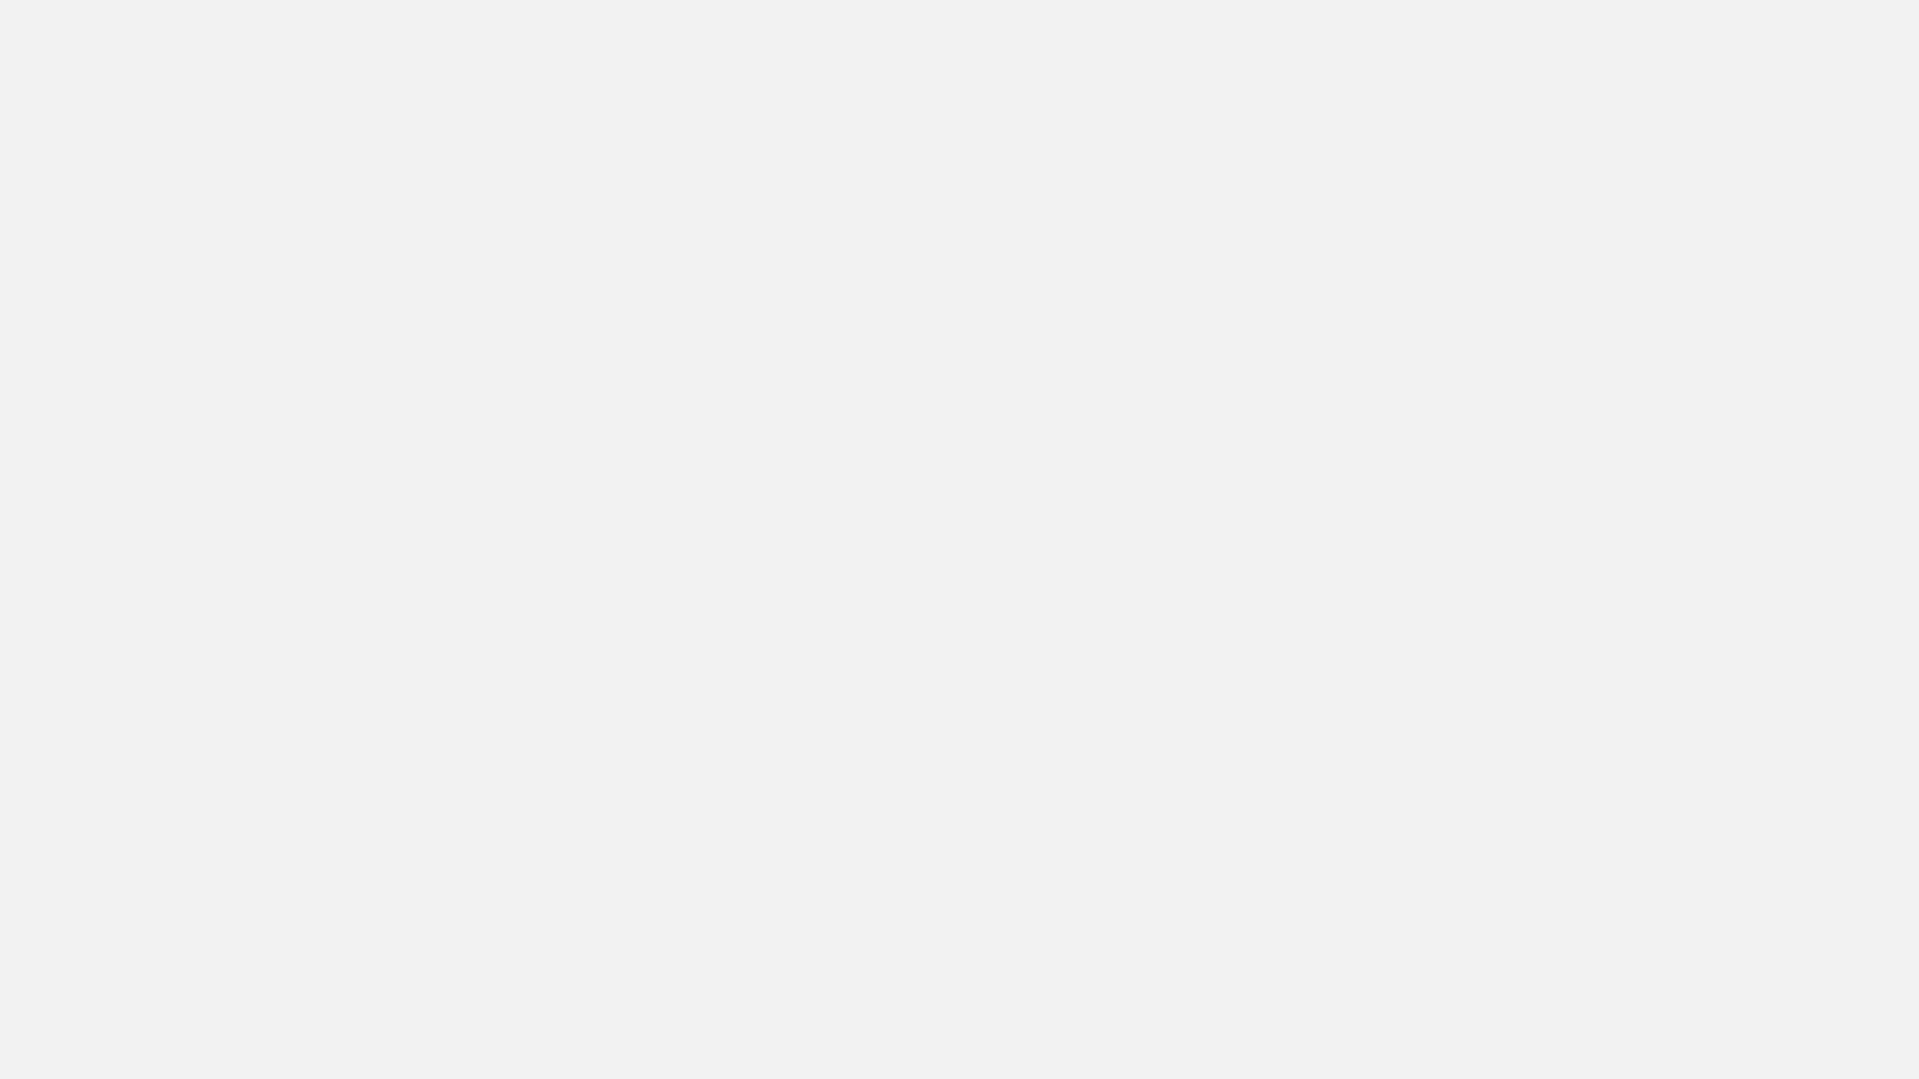 The image size is (1919, 1079). I want to click on Search, so click(616, 434).